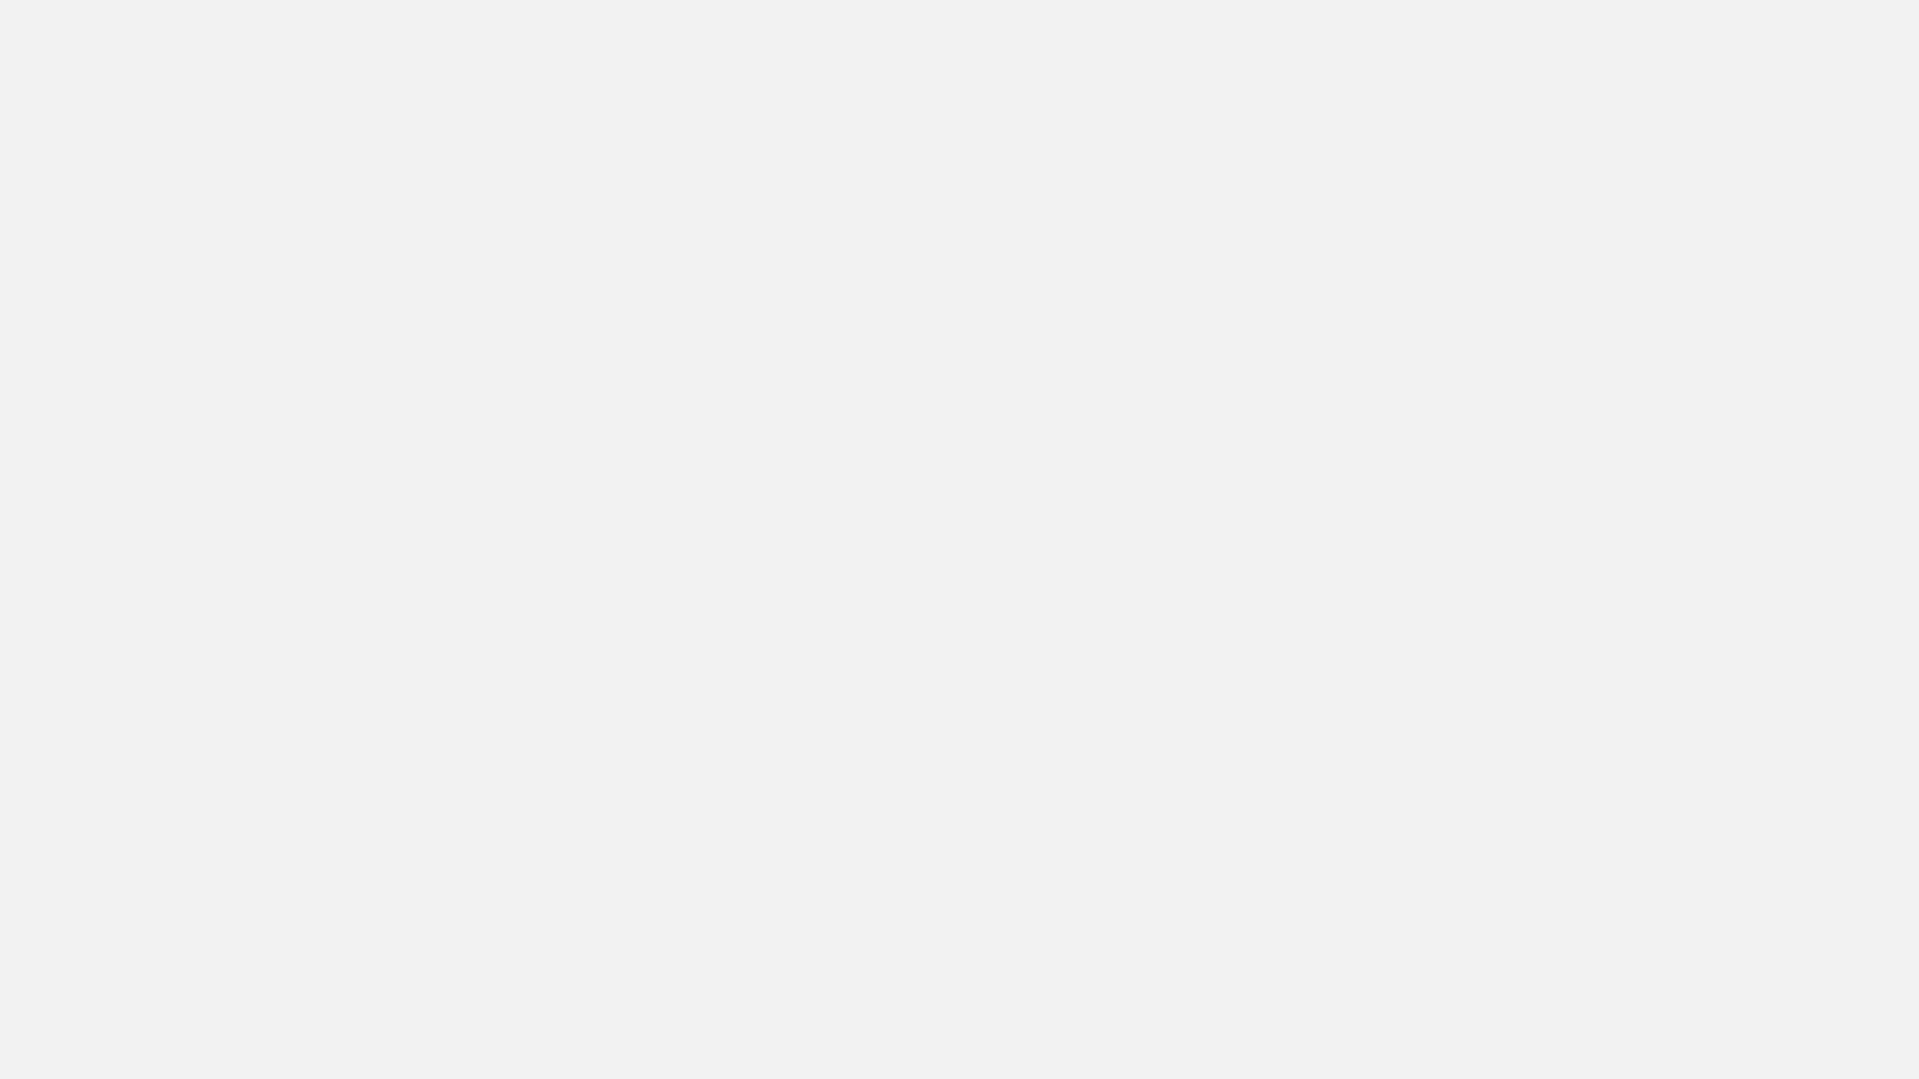 The image size is (1919, 1079). I want to click on Search, so click(616, 434).